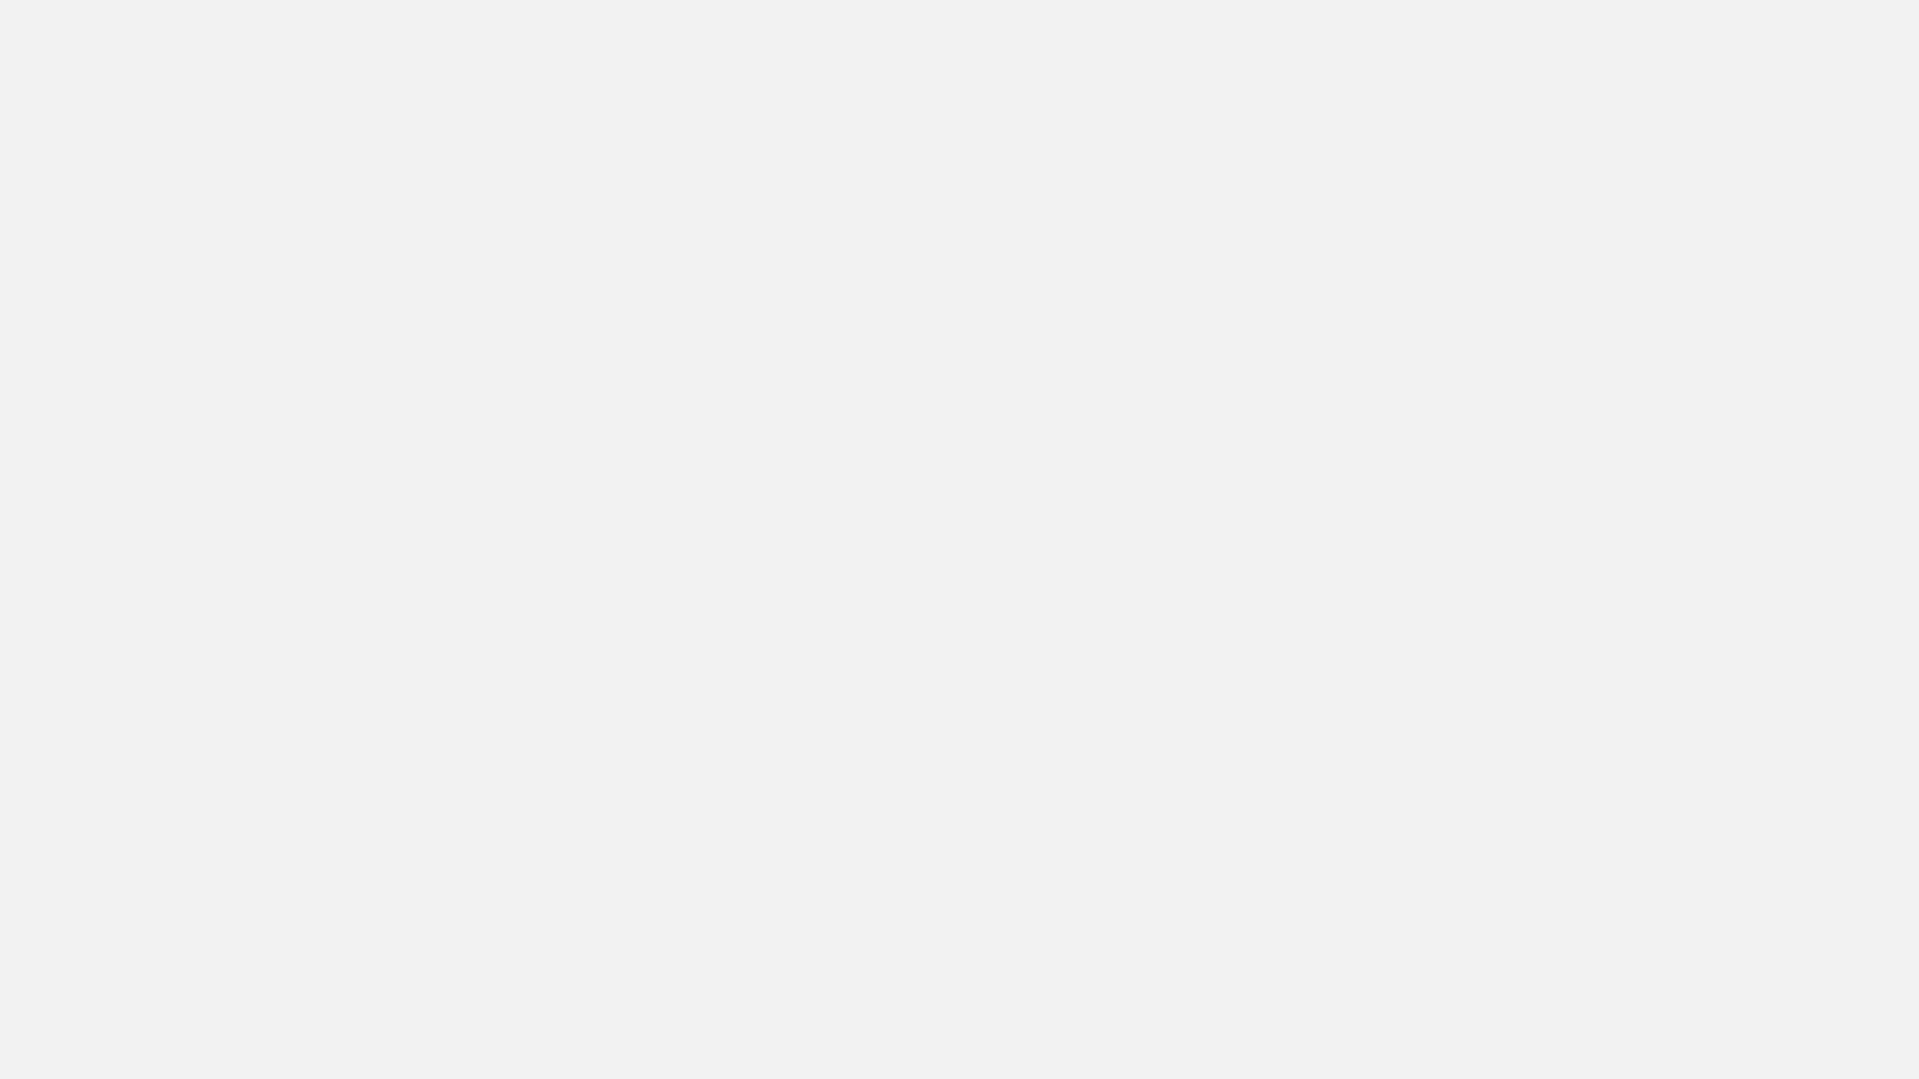 The image size is (1919, 1079). I want to click on Search, so click(616, 434).